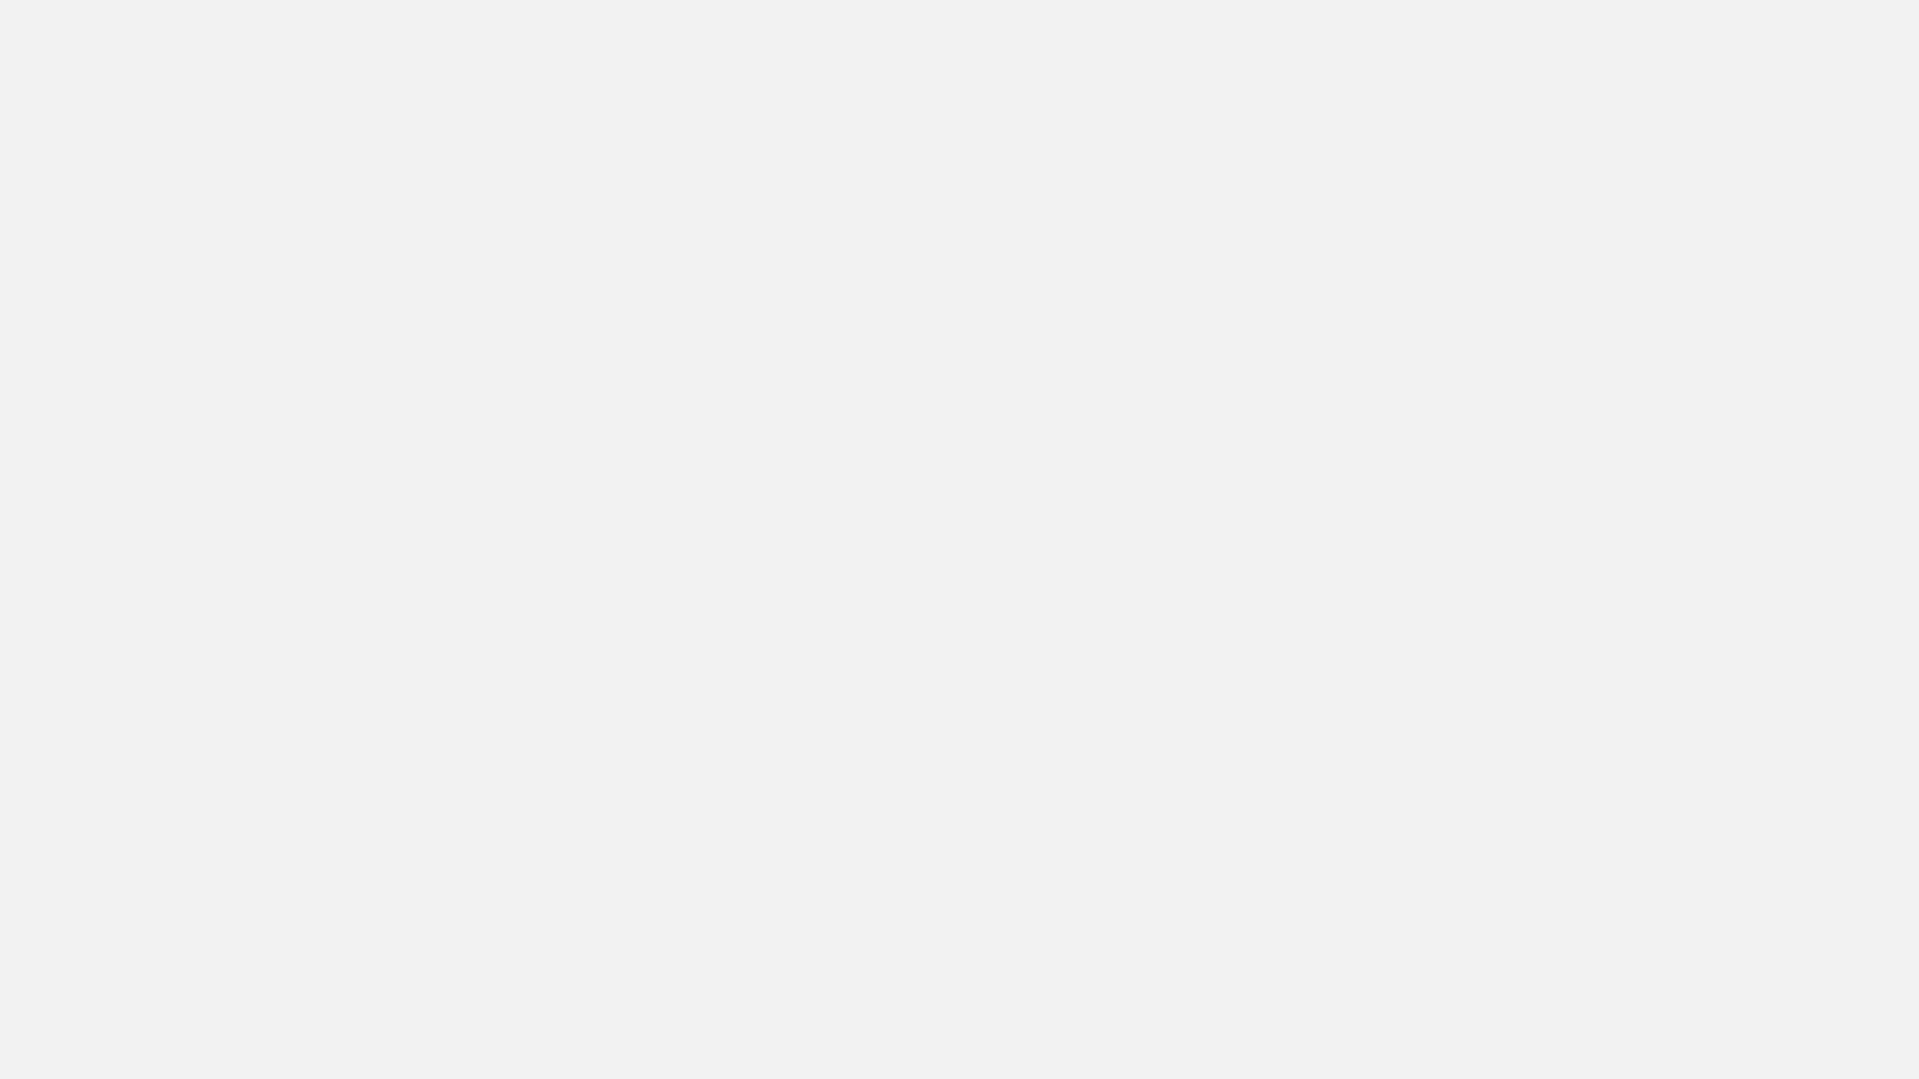 The image size is (1919, 1079). I want to click on Search, so click(616, 434).